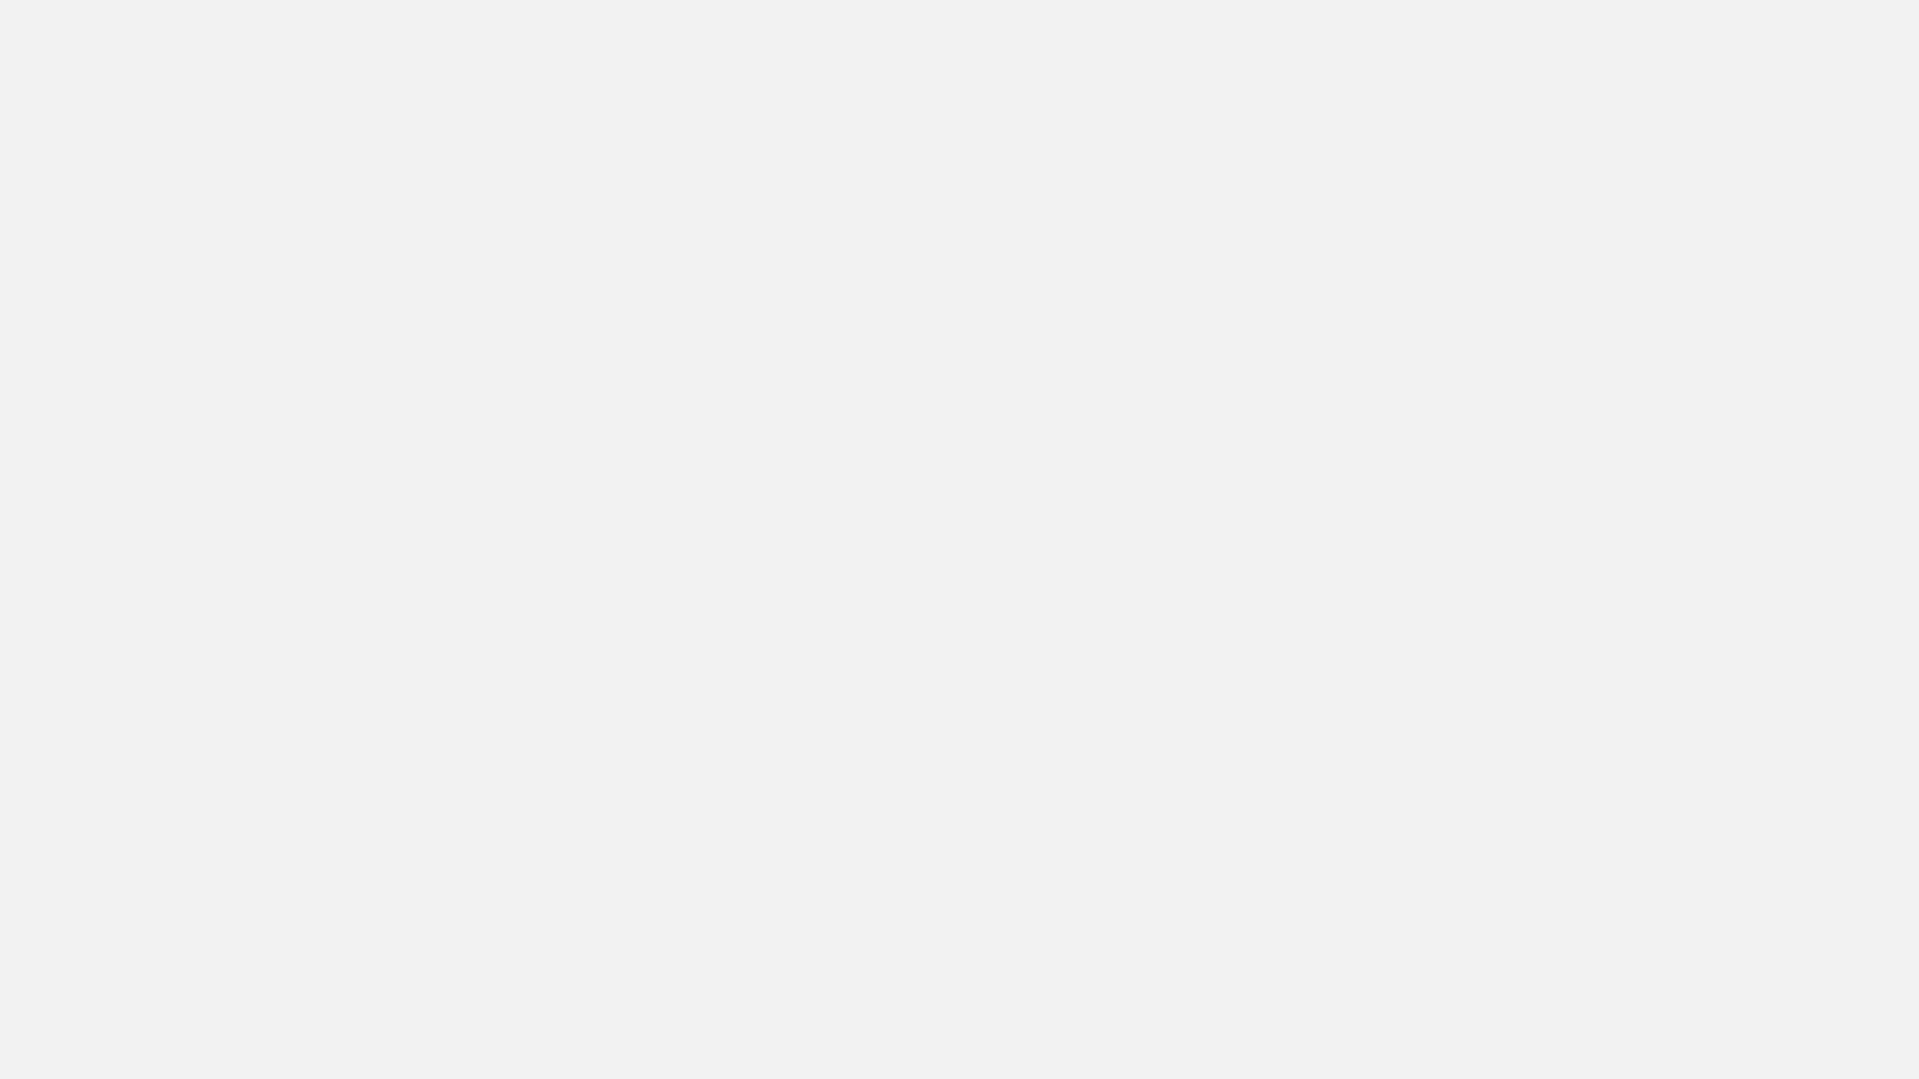 The image size is (1919, 1079). I want to click on Search, so click(616, 434).